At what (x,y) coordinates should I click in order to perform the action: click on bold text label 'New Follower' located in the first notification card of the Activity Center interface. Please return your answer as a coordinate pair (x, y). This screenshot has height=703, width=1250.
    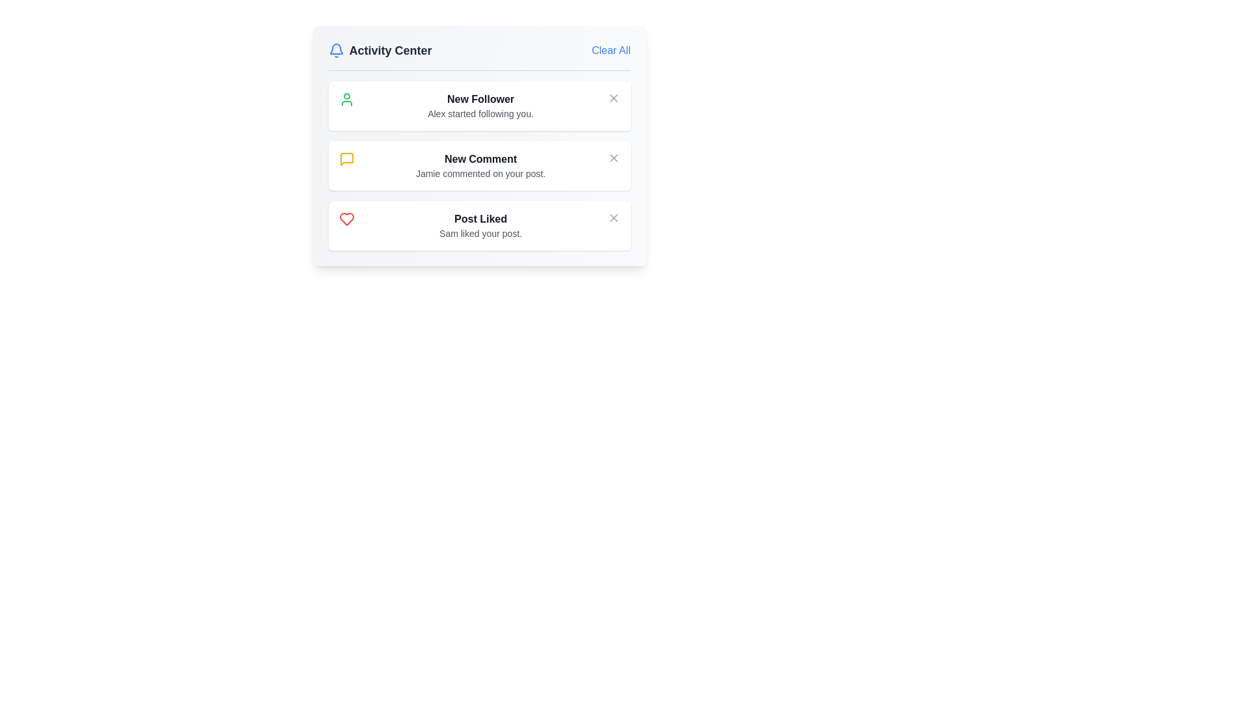
    Looking at the image, I should click on (480, 99).